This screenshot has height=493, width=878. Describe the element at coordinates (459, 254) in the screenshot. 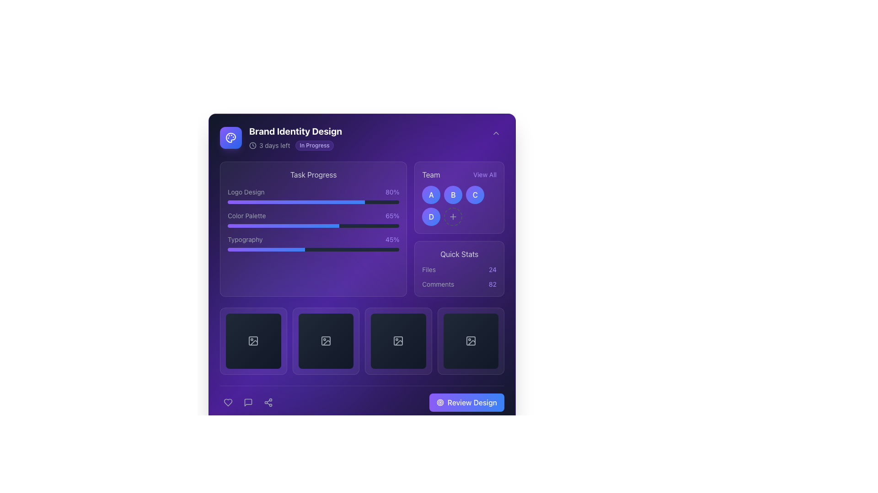

I see `text label titled 'Quick Stats' which is displayed in light gray font against a dark purple background, located in the top-right section of the panel` at that location.